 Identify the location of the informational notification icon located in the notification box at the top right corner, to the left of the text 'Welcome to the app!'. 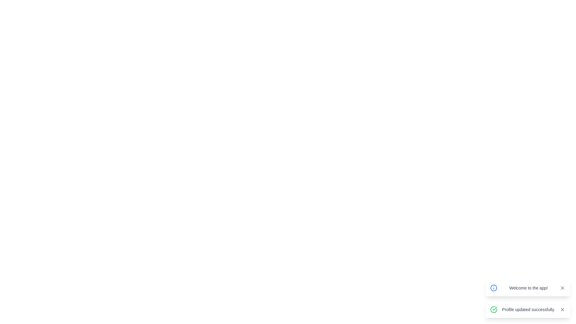
(493, 288).